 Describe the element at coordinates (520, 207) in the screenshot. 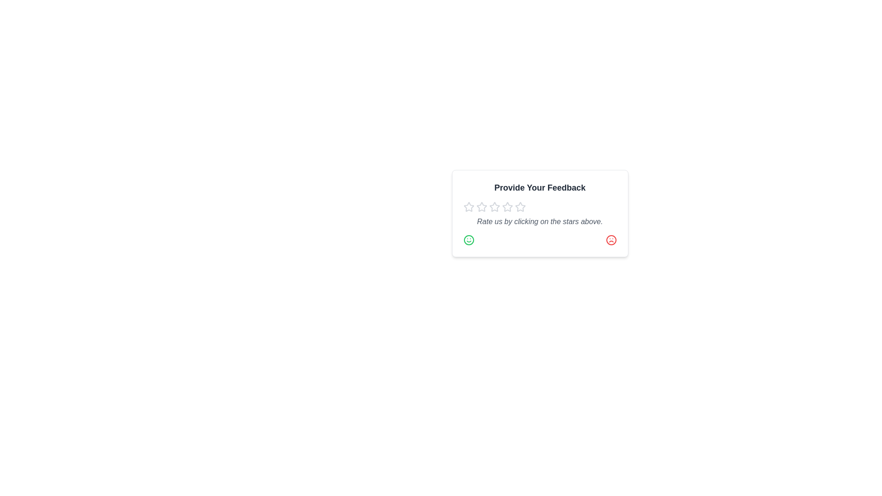

I see `the fifth star icon in the star rating interface` at that location.